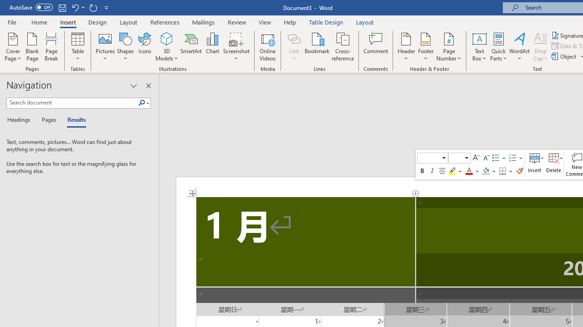 The width and height of the screenshot is (583, 327). Describe the element at coordinates (47, 120) in the screenshot. I see `'Pages'` at that location.